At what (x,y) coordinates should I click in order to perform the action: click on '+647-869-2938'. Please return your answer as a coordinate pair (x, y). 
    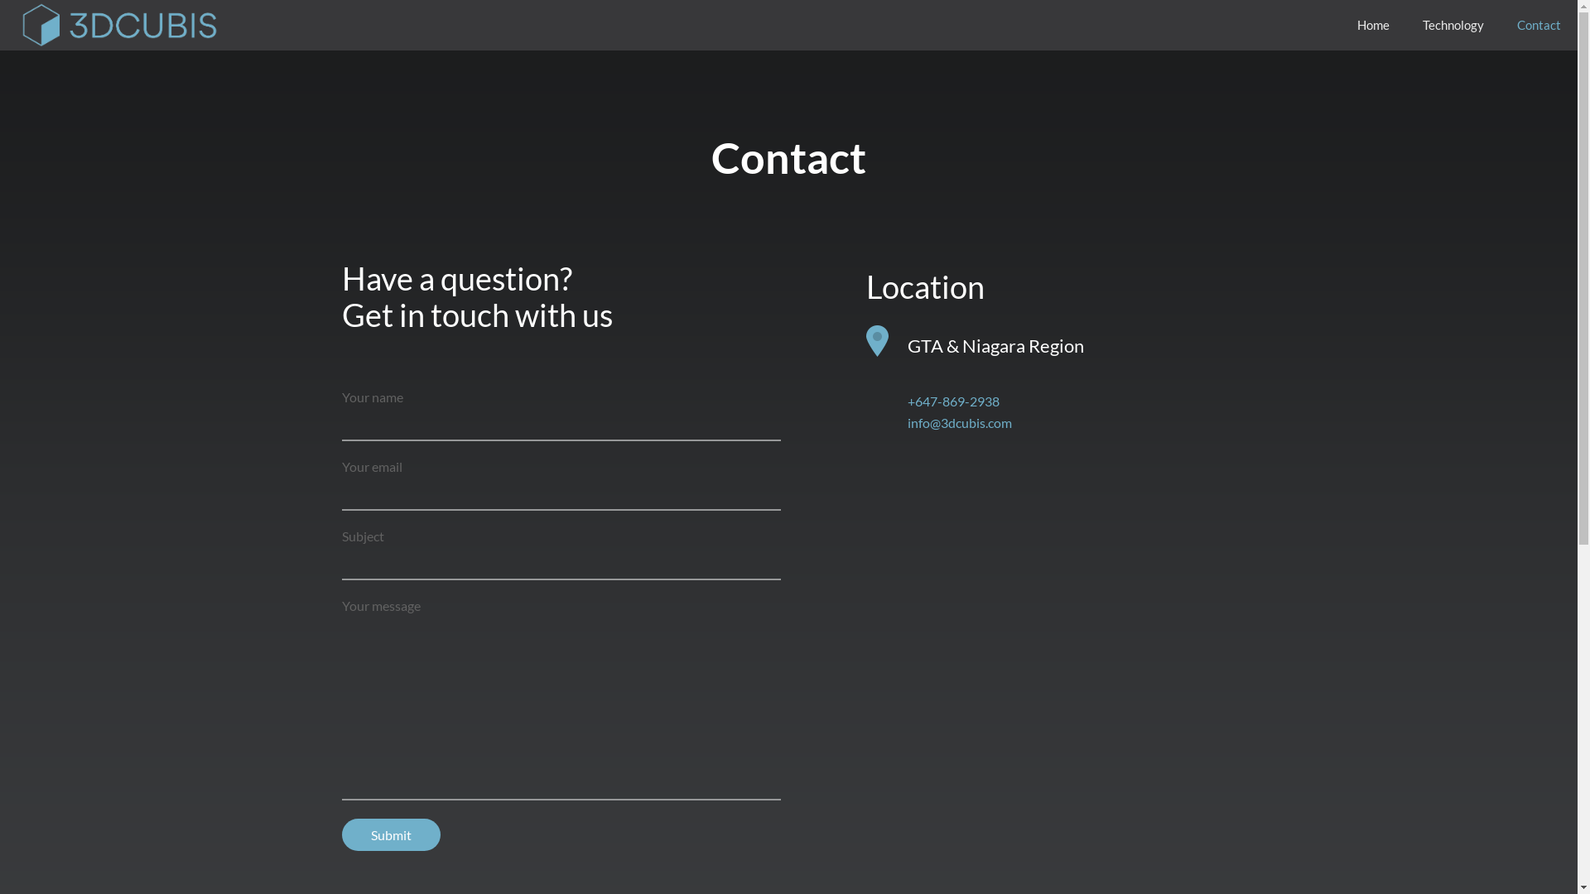
    Looking at the image, I should click on (953, 401).